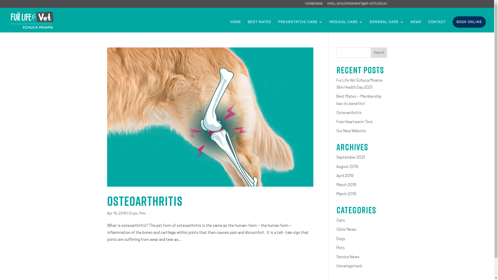 The height and width of the screenshot is (280, 498). I want to click on 'Cats', so click(341, 221).